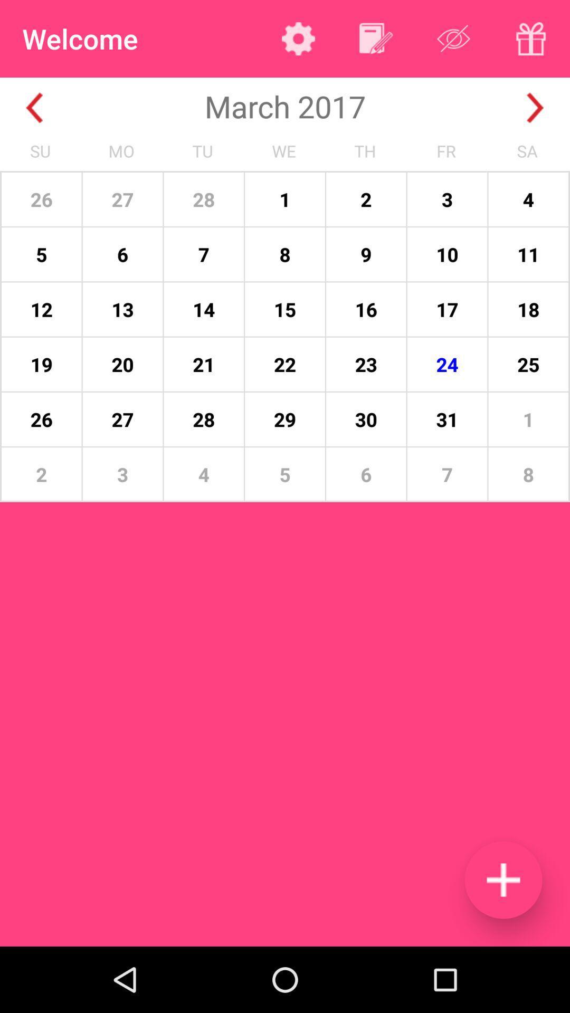 The width and height of the screenshot is (570, 1013). What do you see at coordinates (285, 106) in the screenshot?
I see `the march 2017 icon` at bounding box center [285, 106].